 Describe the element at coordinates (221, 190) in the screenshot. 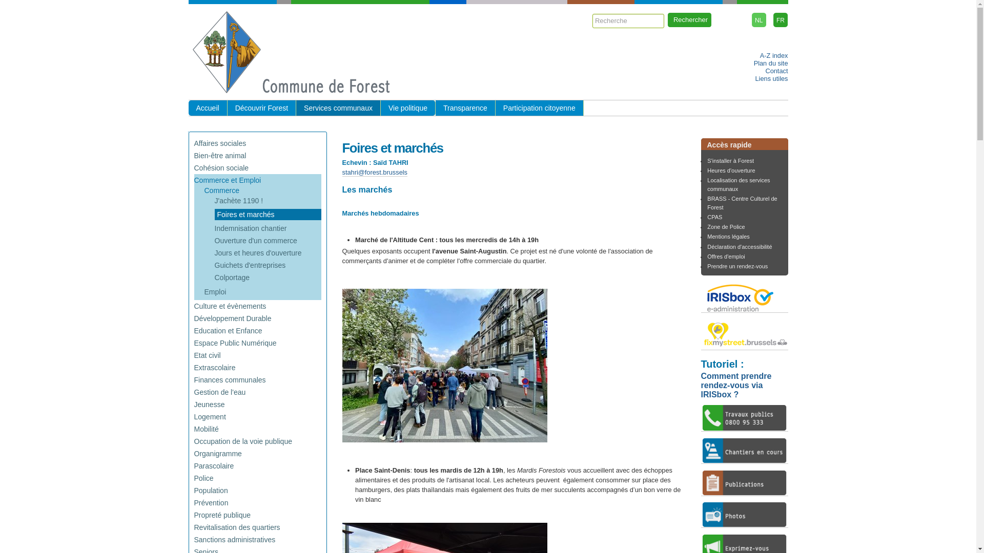

I see `'Commerce'` at that location.